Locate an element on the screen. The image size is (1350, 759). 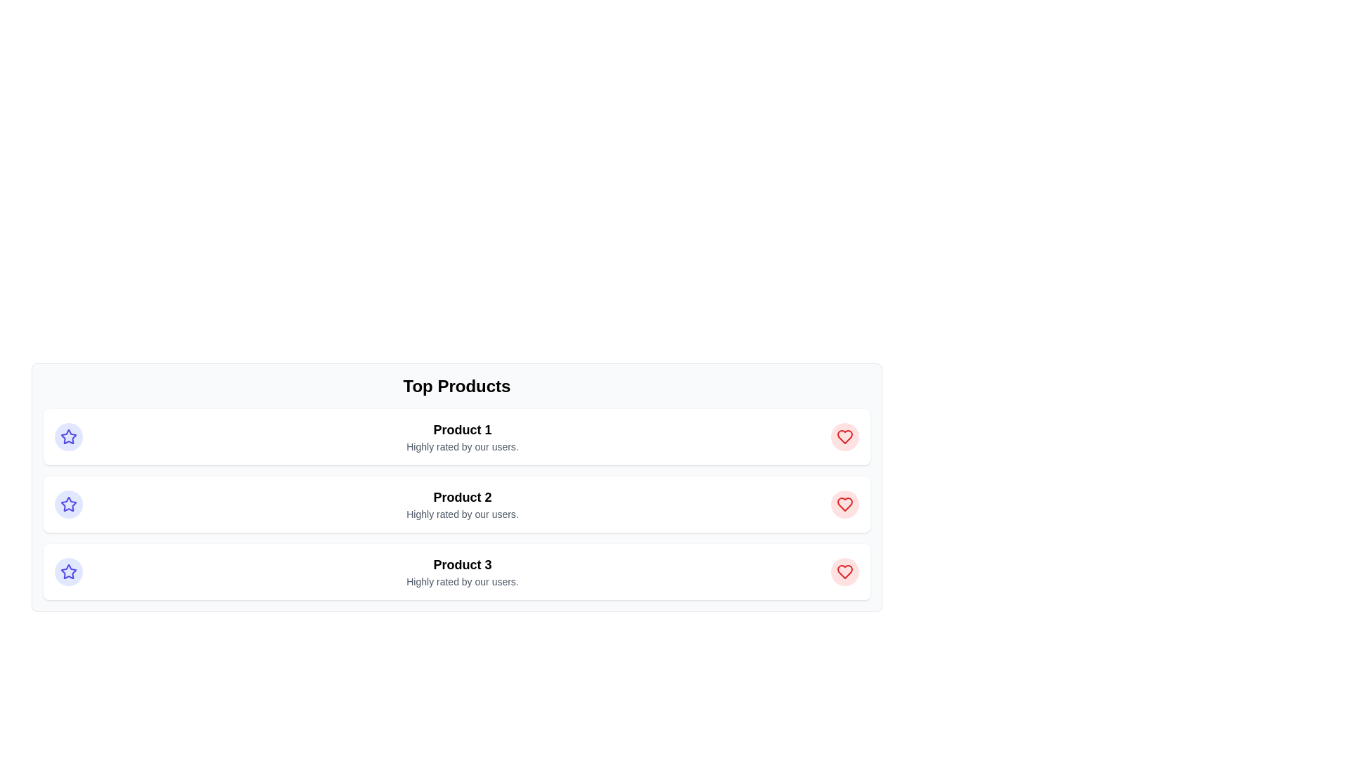
the text block that displays 'Product 3' with the statement 'Highly rated by our users.' in the third card of the 'Top Products' list is located at coordinates (462, 571).